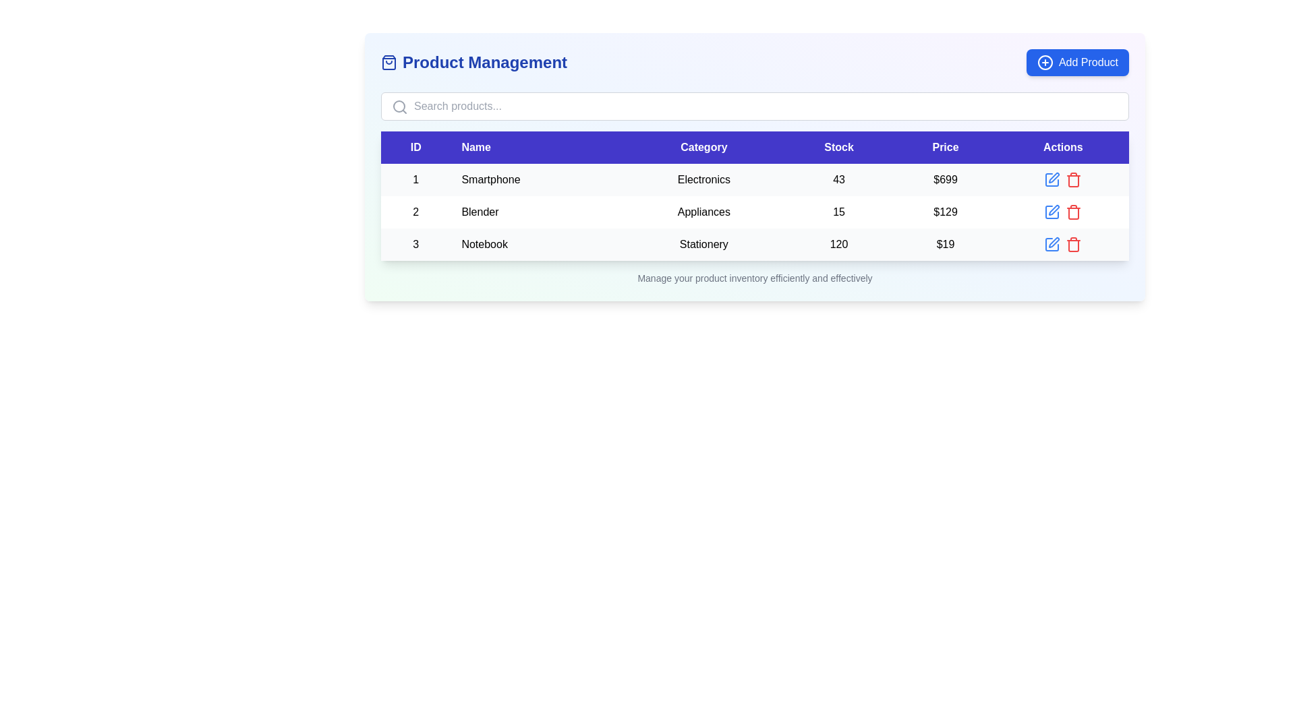 This screenshot has width=1295, height=728. What do you see at coordinates (1077, 62) in the screenshot?
I see `the 'Add Product' button` at bounding box center [1077, 62].